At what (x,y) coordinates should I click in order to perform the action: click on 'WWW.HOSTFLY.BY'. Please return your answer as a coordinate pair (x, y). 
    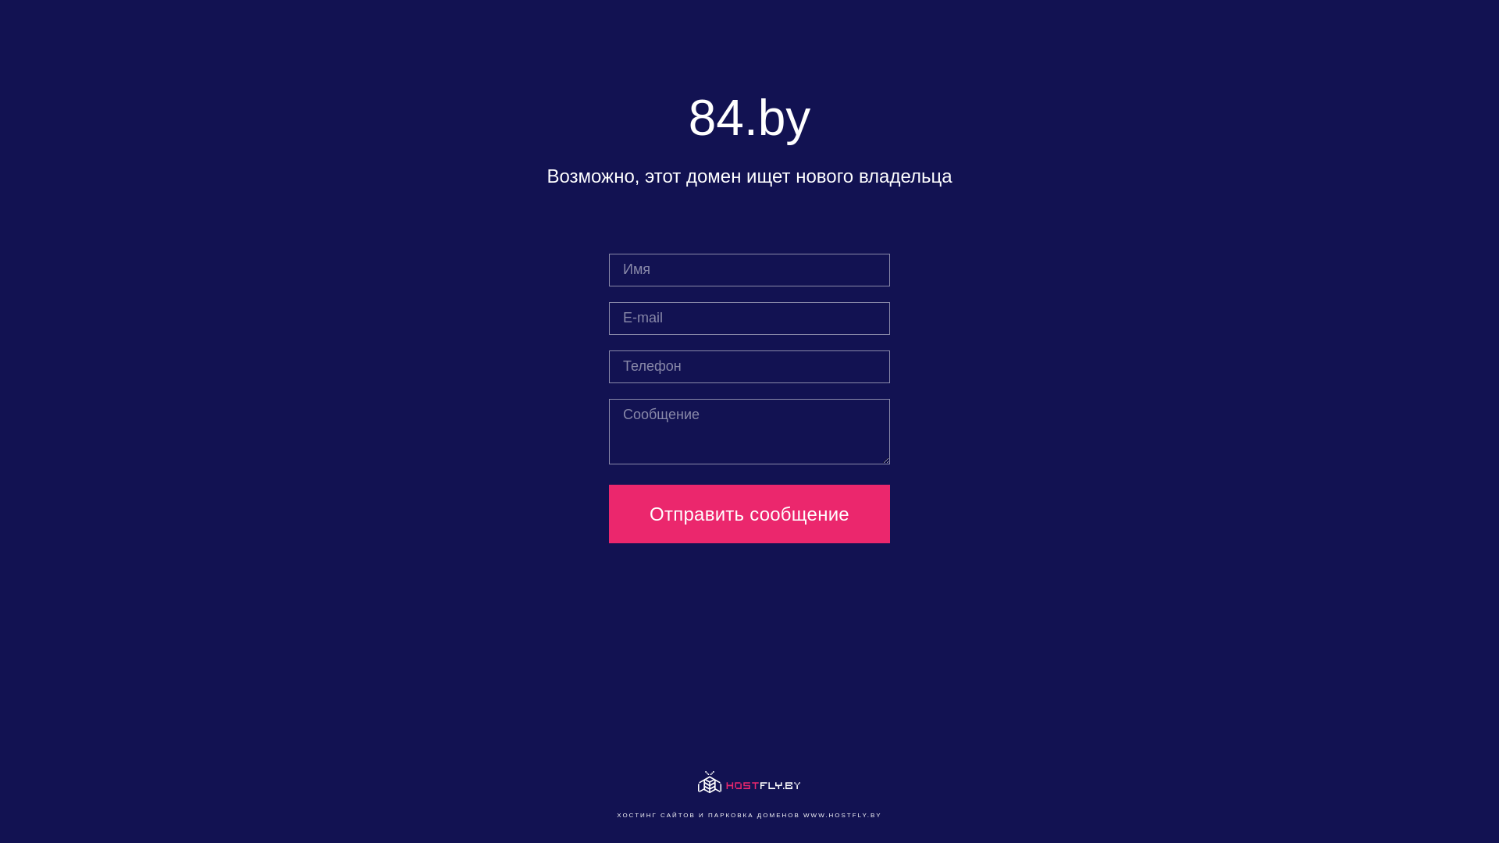
    Looking at the image, I should click on (842, 814).